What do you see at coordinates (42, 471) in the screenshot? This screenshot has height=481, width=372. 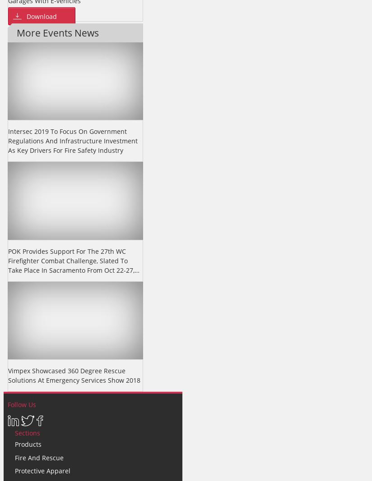 I see `'Protective Apparel'` at bounding box center [42, 471].